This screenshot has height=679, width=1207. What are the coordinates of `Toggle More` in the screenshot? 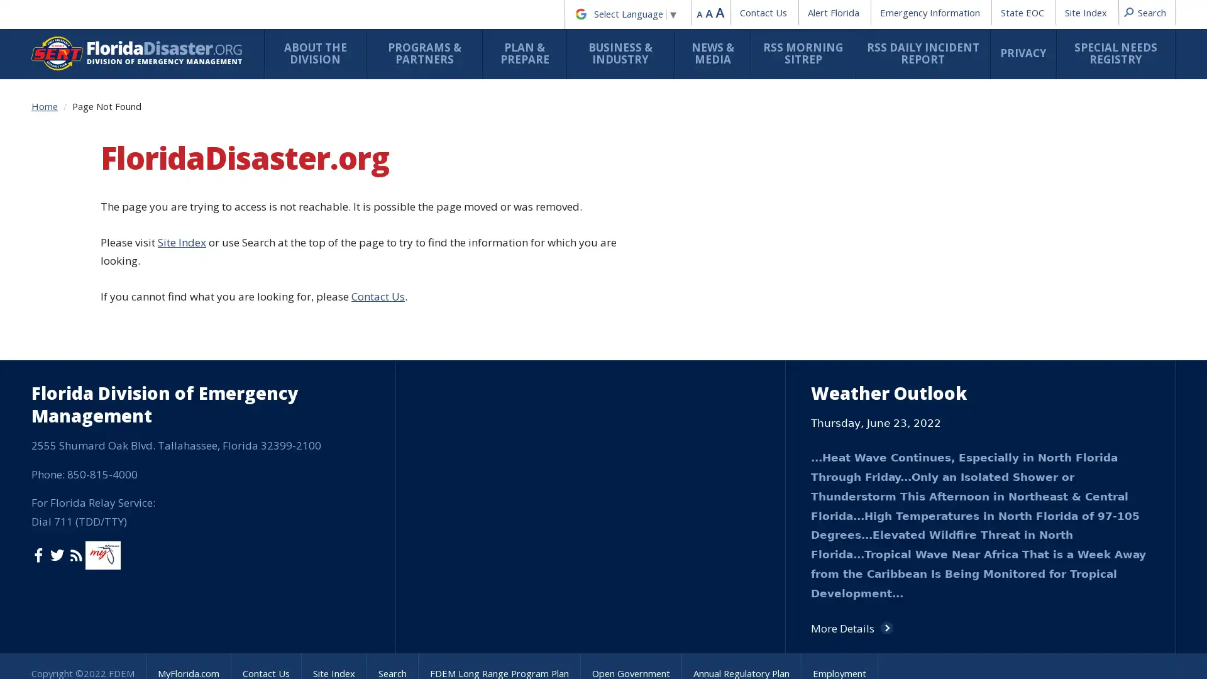 It's located at (377, 280).